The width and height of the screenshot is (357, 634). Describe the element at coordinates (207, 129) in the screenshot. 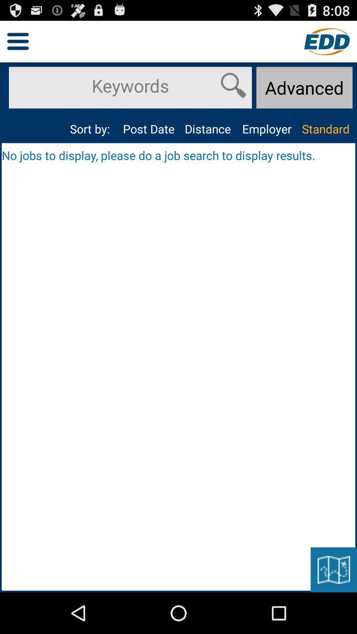

I see `item next to post date icon` at that location.